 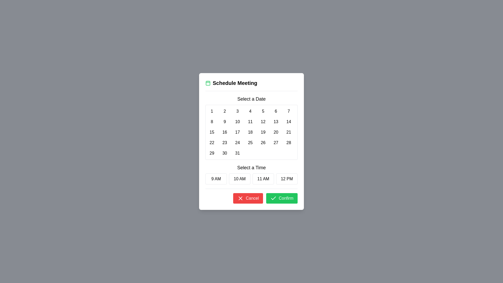 I want to click on the square button displaying the number '16' in the second column of the third row within the calendar grid in the 'Select a Date' section, so click(x=225, y=132).